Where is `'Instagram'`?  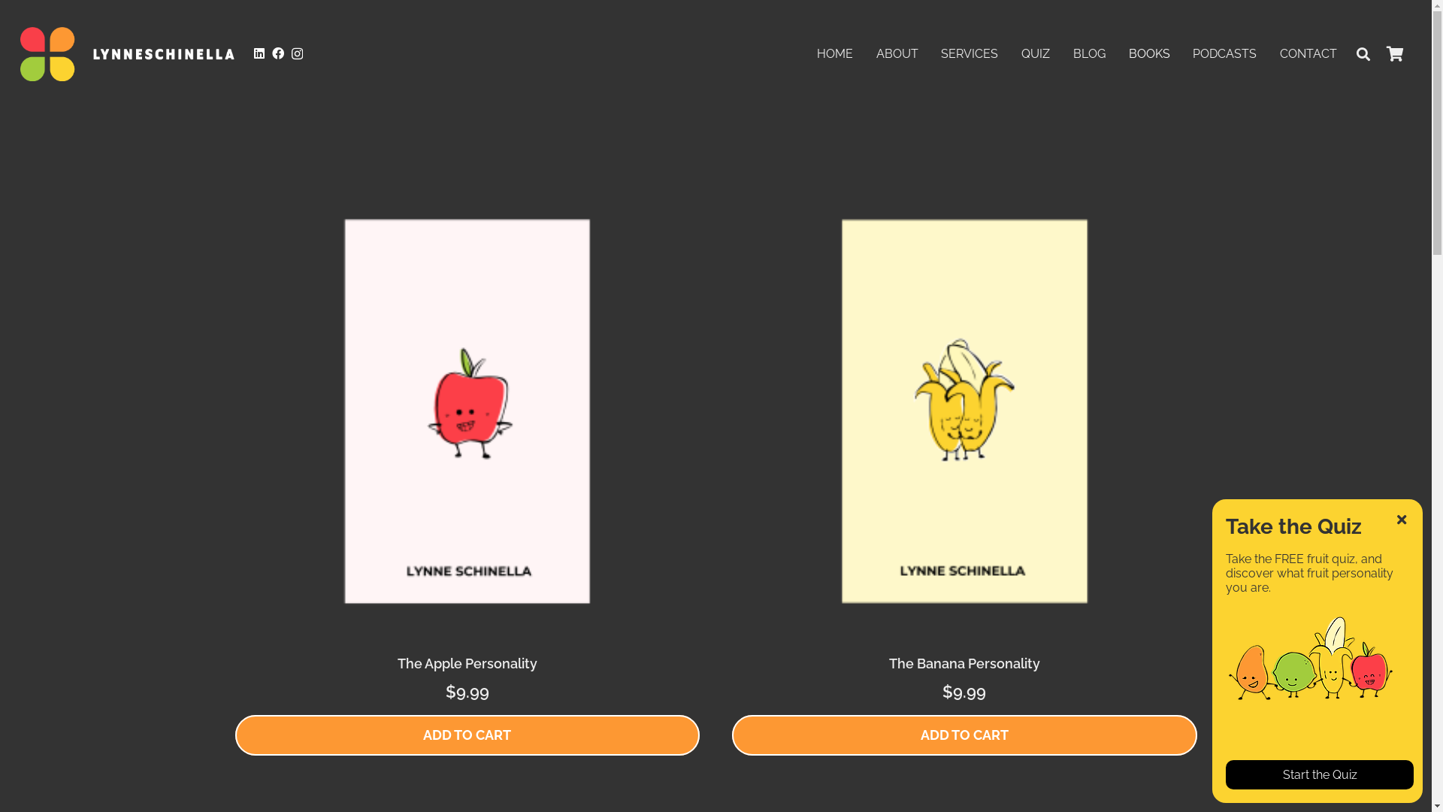 'Instagram' is located at coordinates (297, 53).